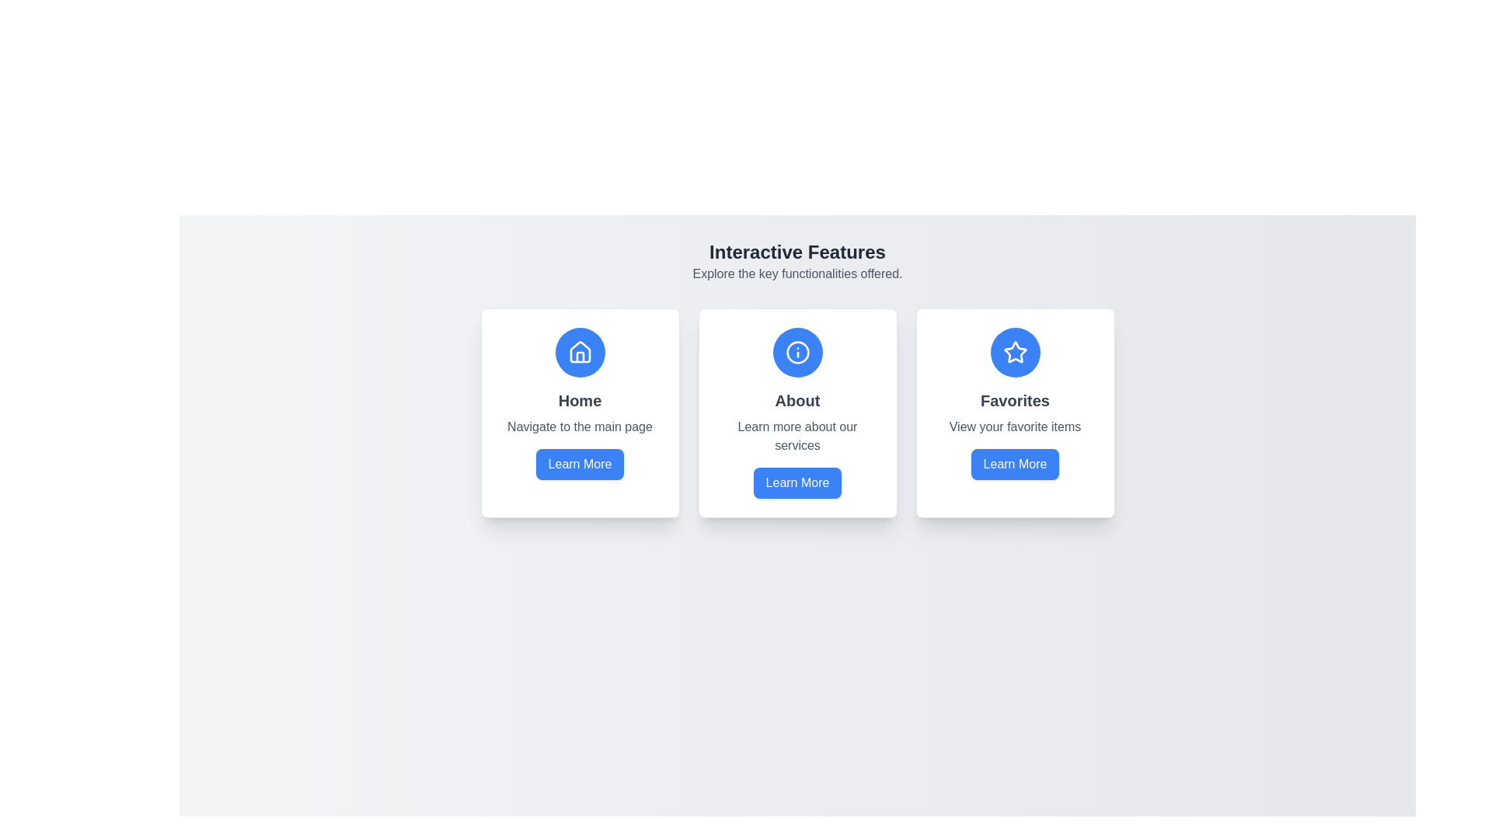 This screenshot has height=839, width=1492. Describe the element at coordinates (579, 353) in the screenshot. I see `the circular home icon with a blue background and white house graphic, located at the top-center of the 'Home' card to acknowledge its purpose` at that location.